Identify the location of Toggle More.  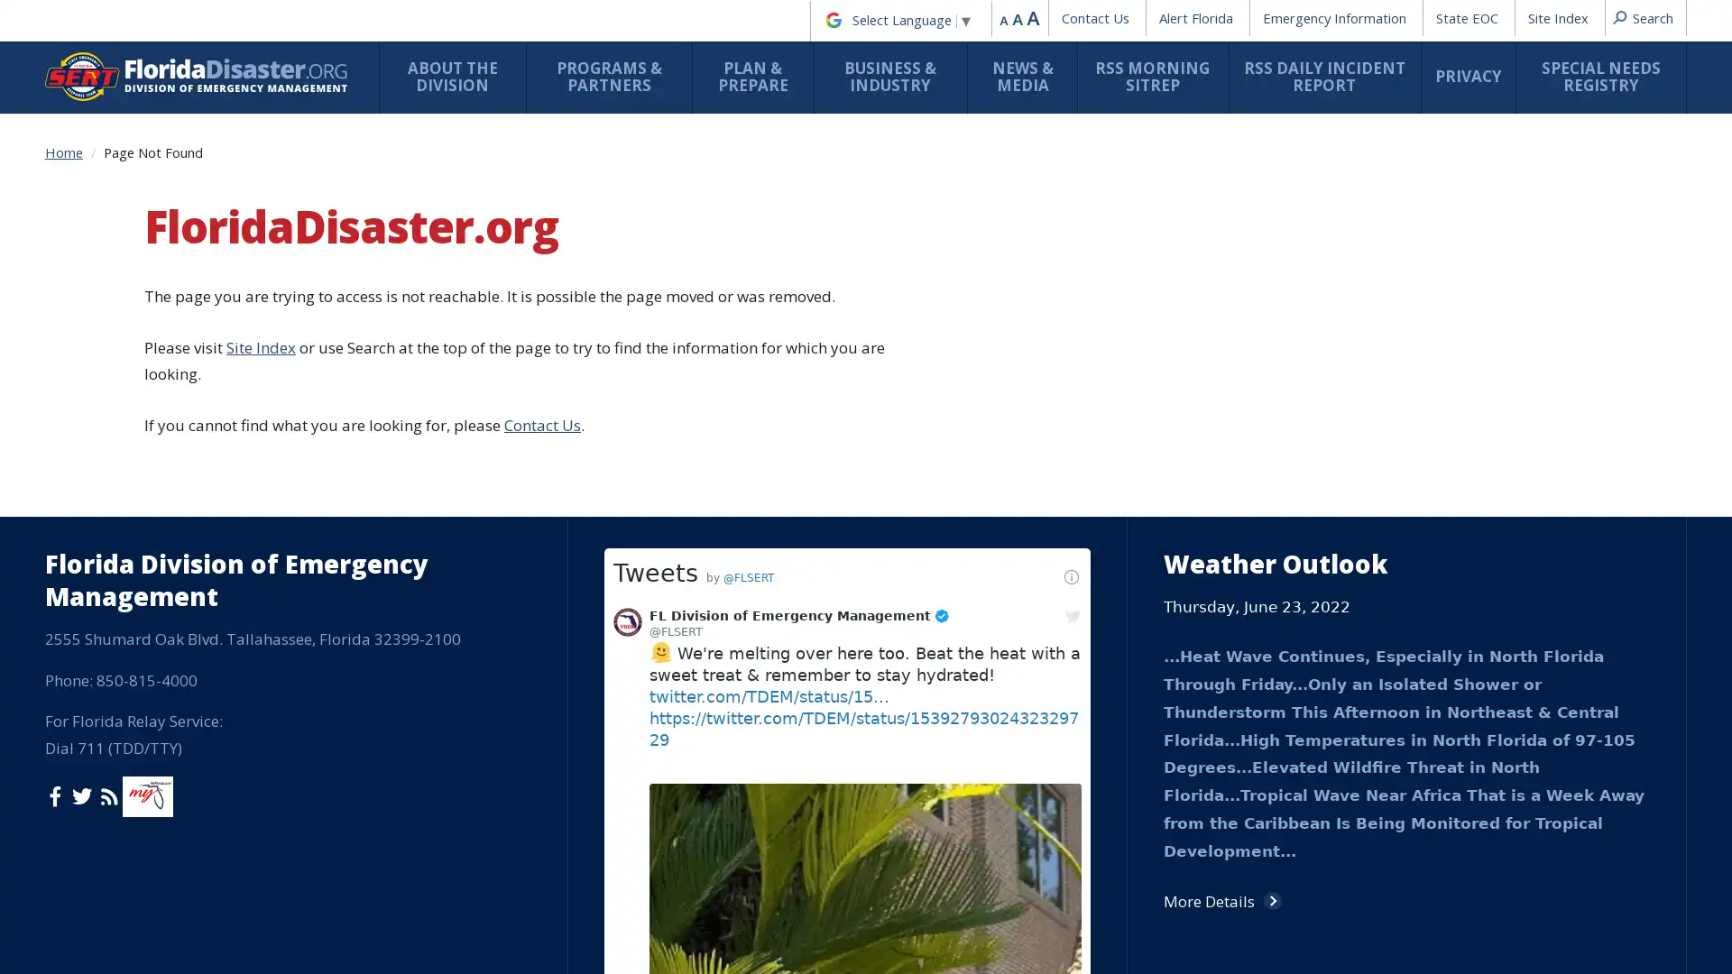
(541, 280).